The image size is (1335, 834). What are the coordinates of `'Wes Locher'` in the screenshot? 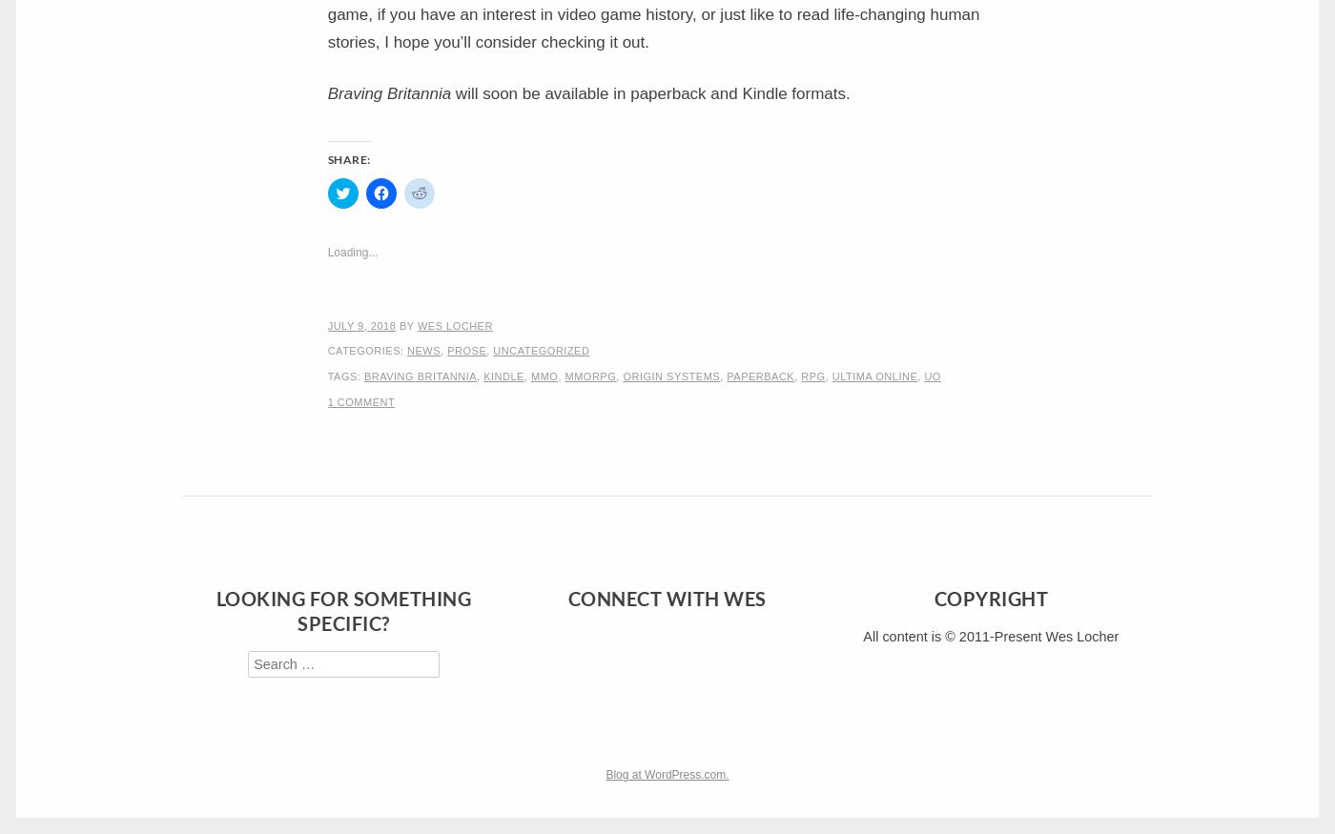 It's located at (454, 324).